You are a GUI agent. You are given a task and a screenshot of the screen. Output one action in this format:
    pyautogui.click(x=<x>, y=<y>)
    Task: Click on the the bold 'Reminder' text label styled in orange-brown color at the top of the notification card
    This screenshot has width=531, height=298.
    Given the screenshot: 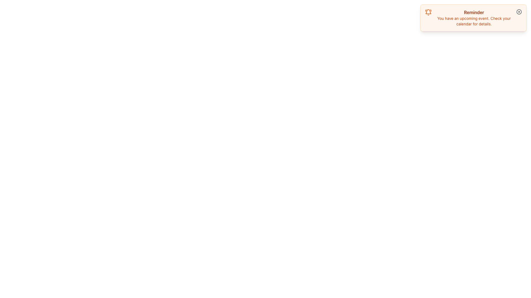 What is the action you would take?
    pyautogui.click(x=473, y=12)
    